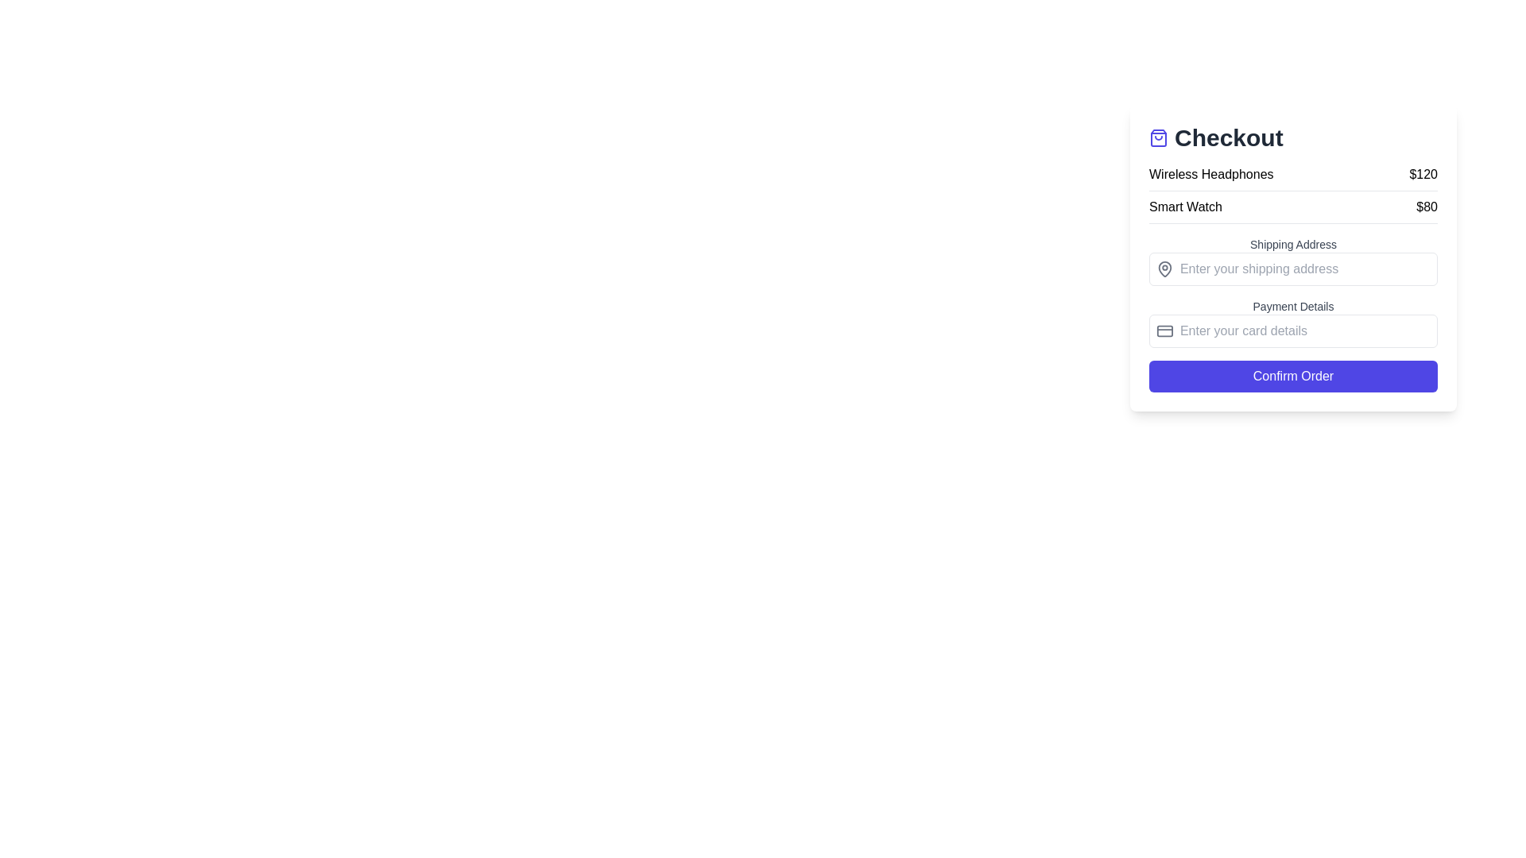  I want to click on the shipping address input field to focus it, which is located to the right of a map pin icon within a bordered box with rounded corners, so click(1305, 269).